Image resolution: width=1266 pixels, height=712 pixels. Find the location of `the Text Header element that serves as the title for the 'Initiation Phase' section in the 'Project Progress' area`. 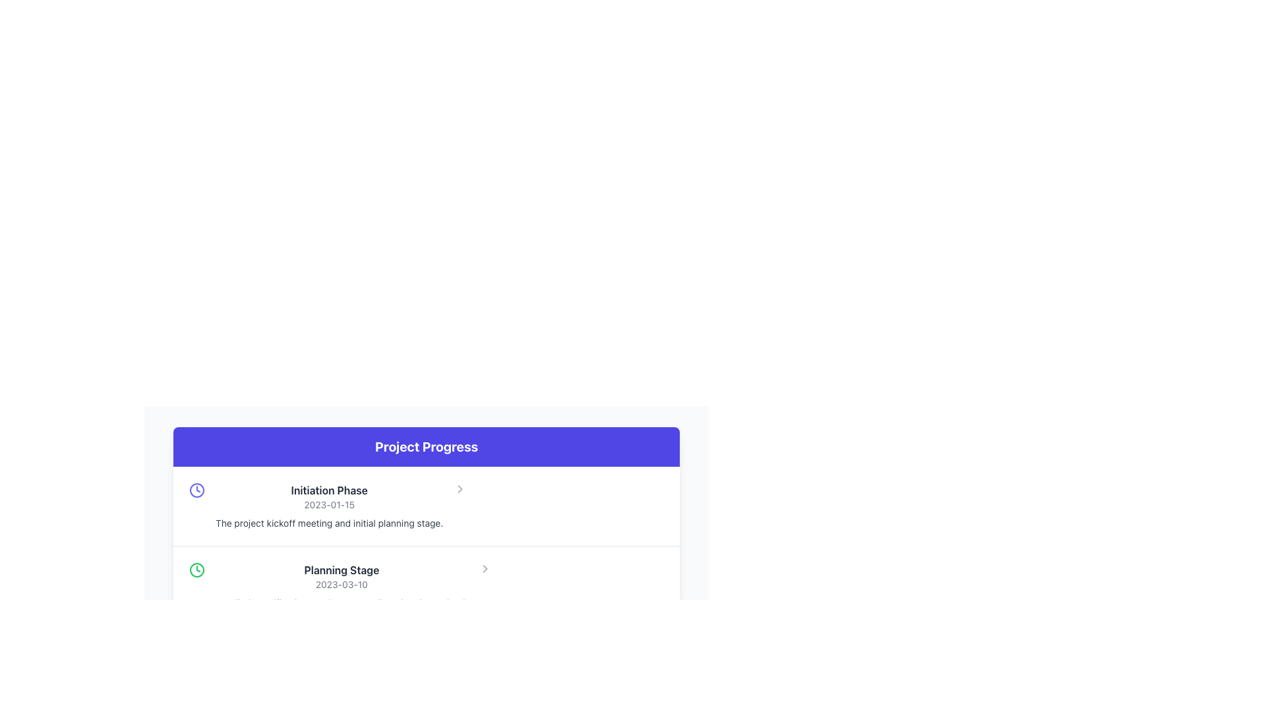

the Text Header element that serves as the title for the 'Initiation Phase' section in the 'Project Progress' area is located at coordinates (329, 490).